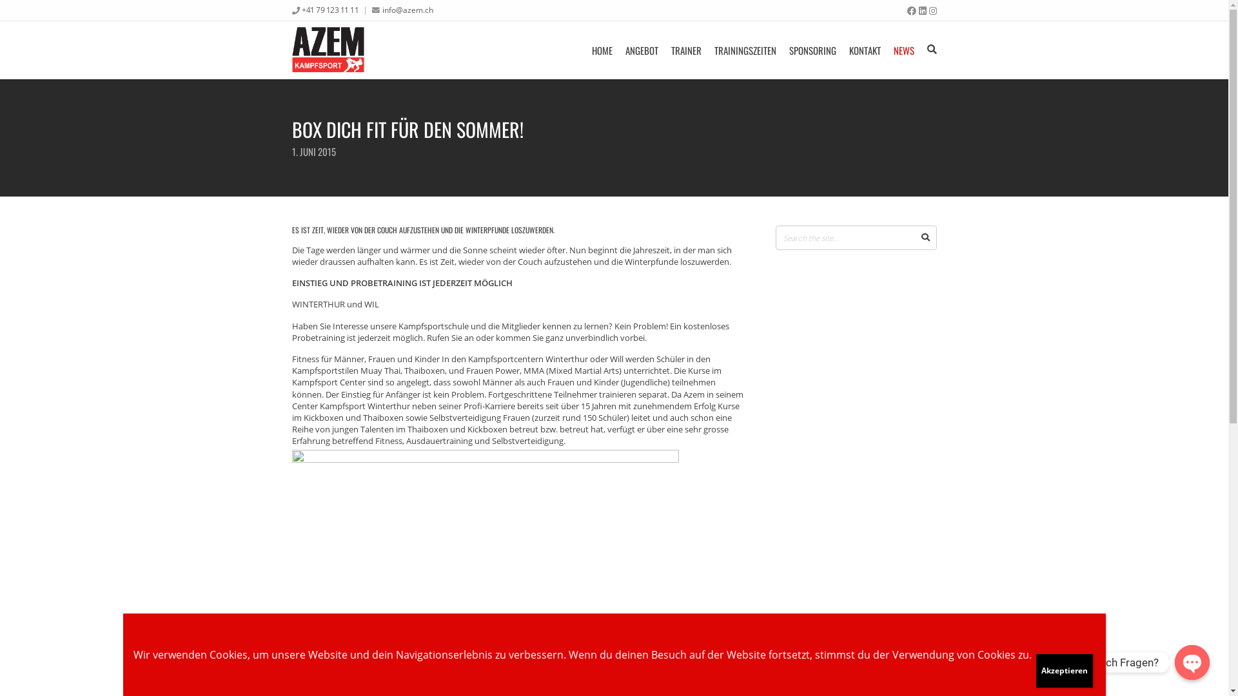  I want to click on 'KONTAKT', so click(864, 49).